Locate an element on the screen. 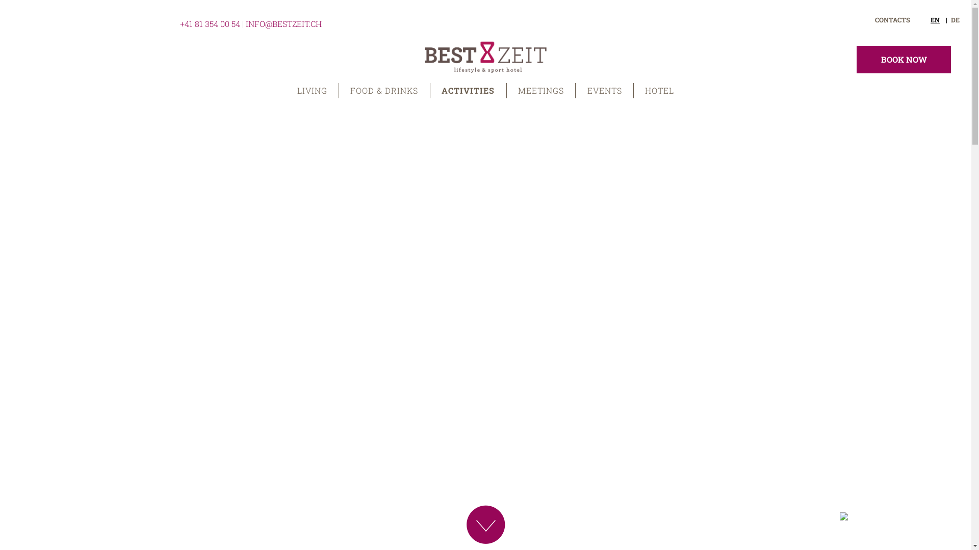  'HOTEL' is located at coordinates (633, 90).